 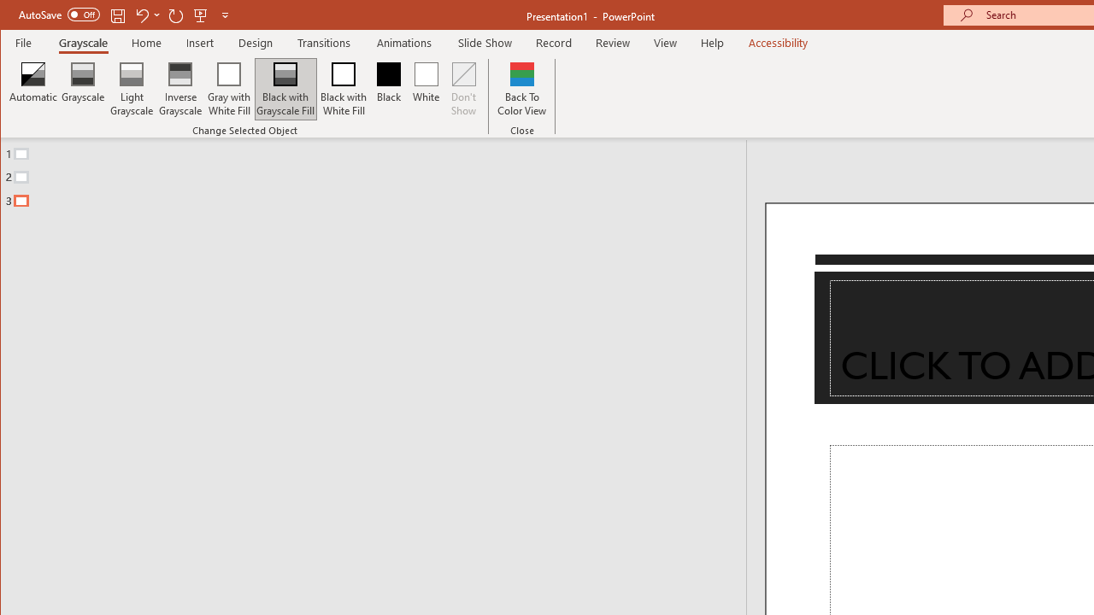 What do you see at coordinates (180, 89) in the screenshot?
I see `'Inverse Grayscale'` at bounding box center [180, 89].